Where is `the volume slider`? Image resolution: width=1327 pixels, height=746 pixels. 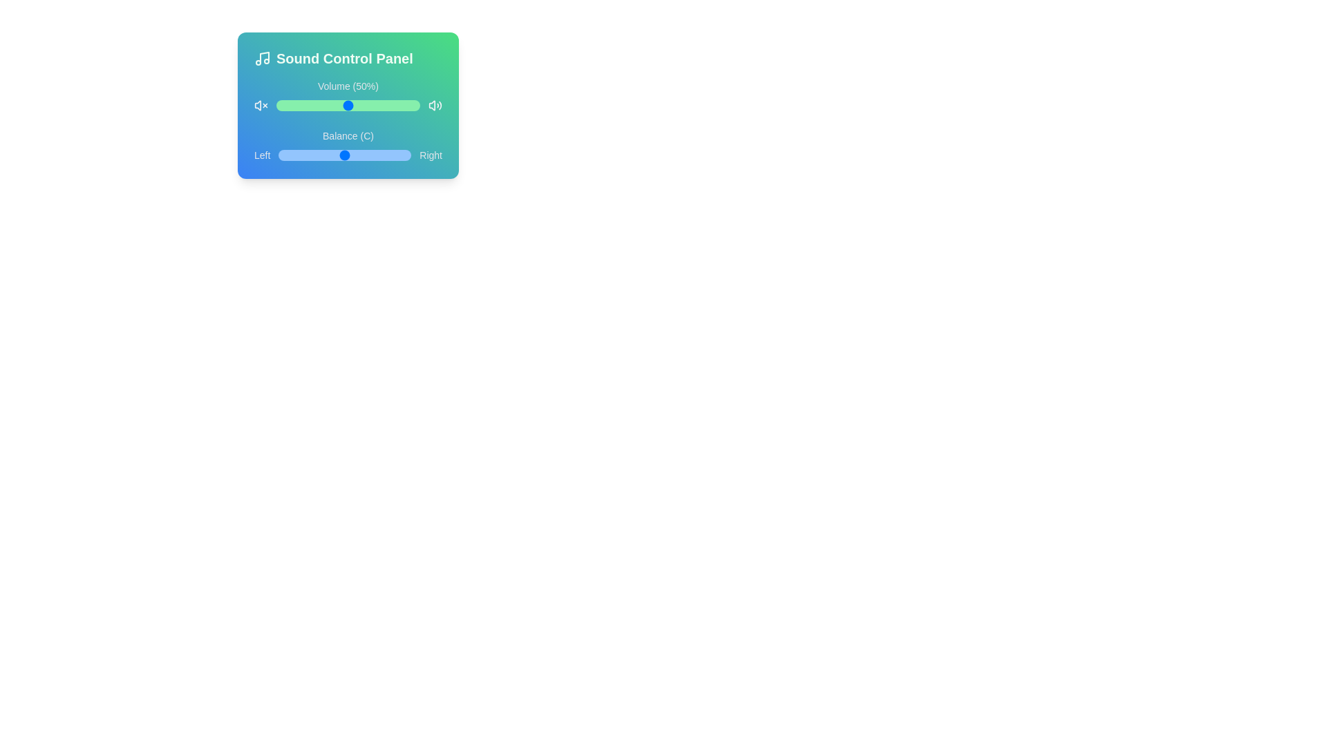 the volume slider is located at coordinates (354, 105).